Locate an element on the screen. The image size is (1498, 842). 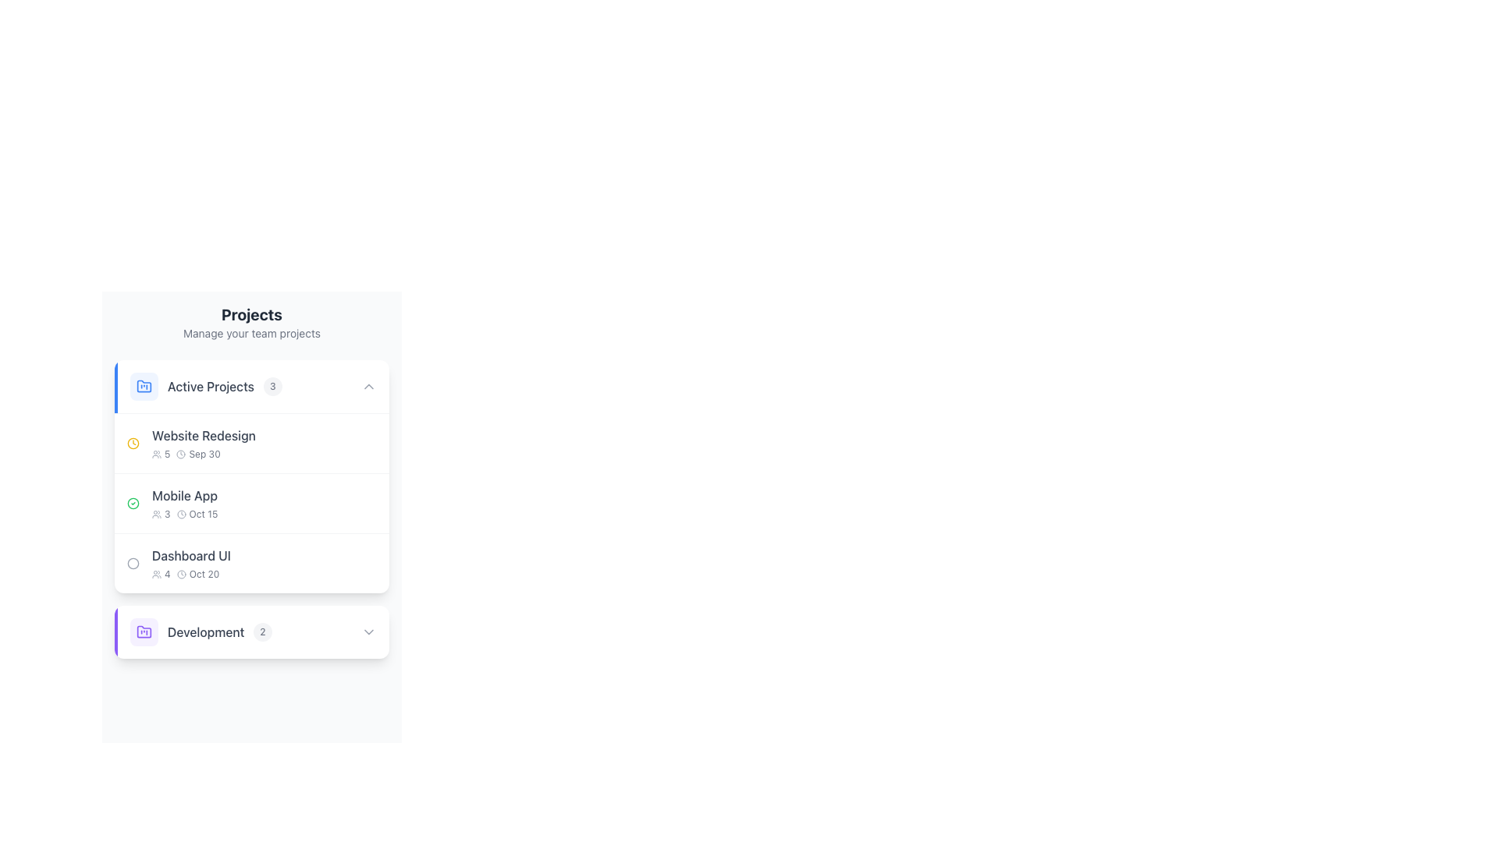
on the Text Display element representing the project titled 'Mobile App', which is the second item in the vertical list under 'Active Projects' is located at coordinates (185, 503).